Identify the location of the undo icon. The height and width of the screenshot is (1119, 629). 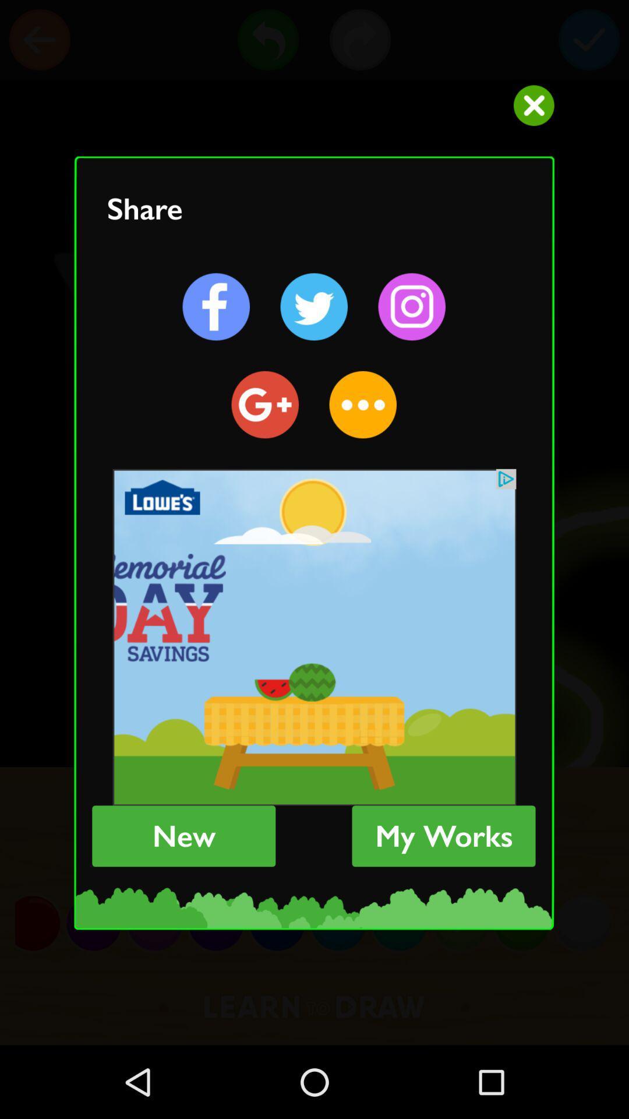
(268, 40).